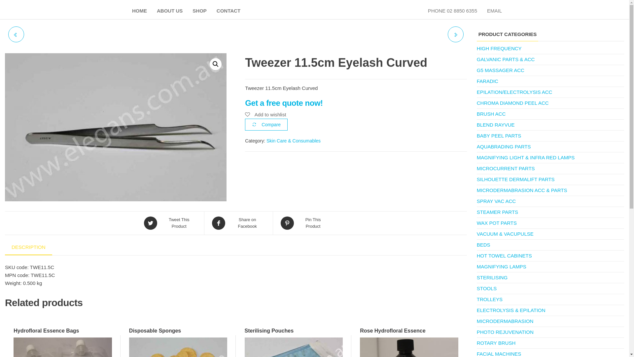 Image resolution: width=634 pixels, height=357 pixels. I want to click on 'MAGNIFYING LAMPS', so click(501, 266).